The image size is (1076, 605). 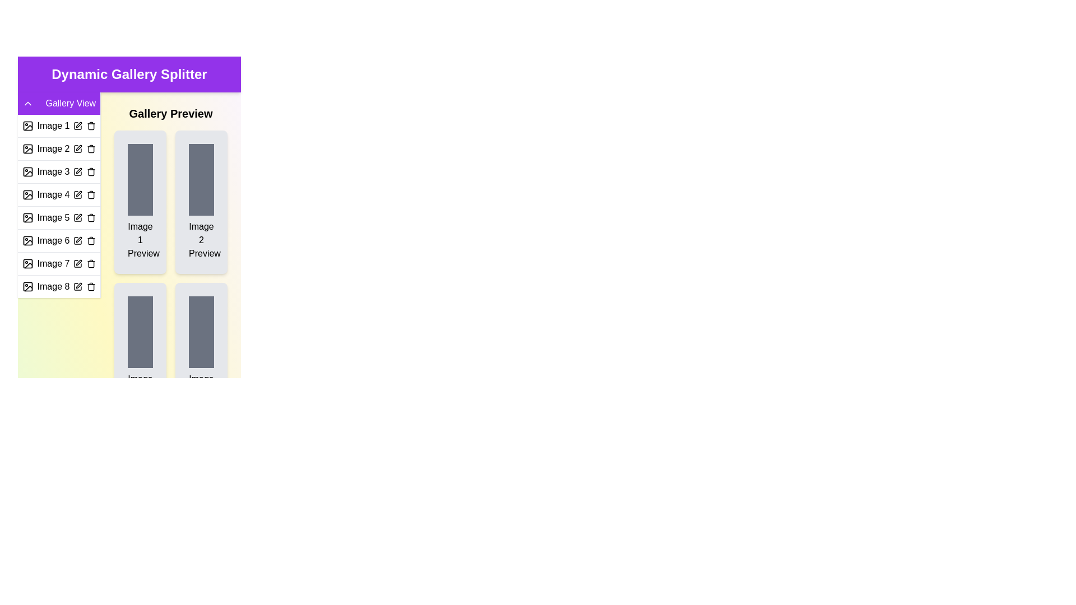 What do you see at coordinates (77, 172) in the screenshot?
I see `the pencil icon button` at bounding box center [77, 172].